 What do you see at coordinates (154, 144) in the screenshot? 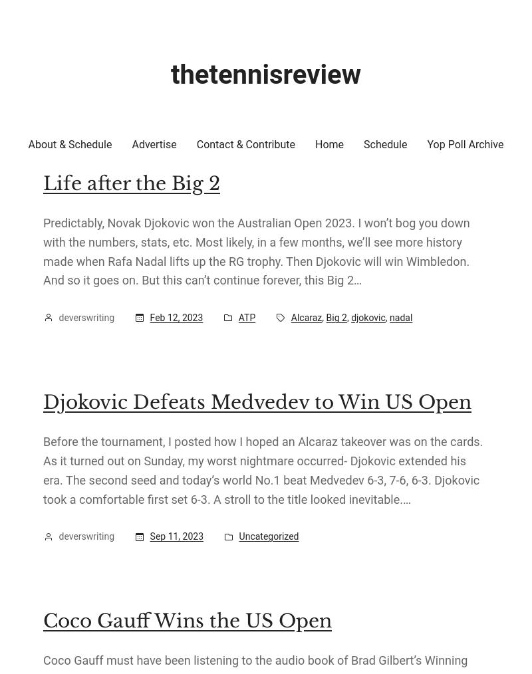
I see `'Advertise'` at bounding box center [154, 144].